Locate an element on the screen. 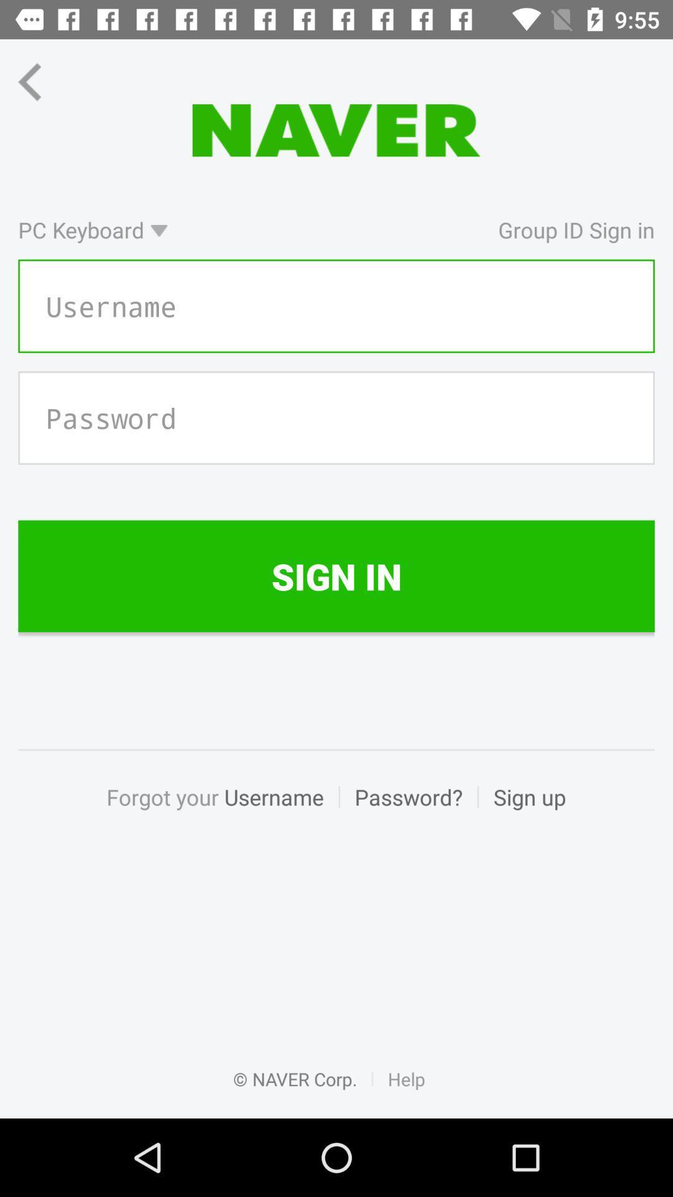  the forgot your username app is located at coordinates (222, 810).